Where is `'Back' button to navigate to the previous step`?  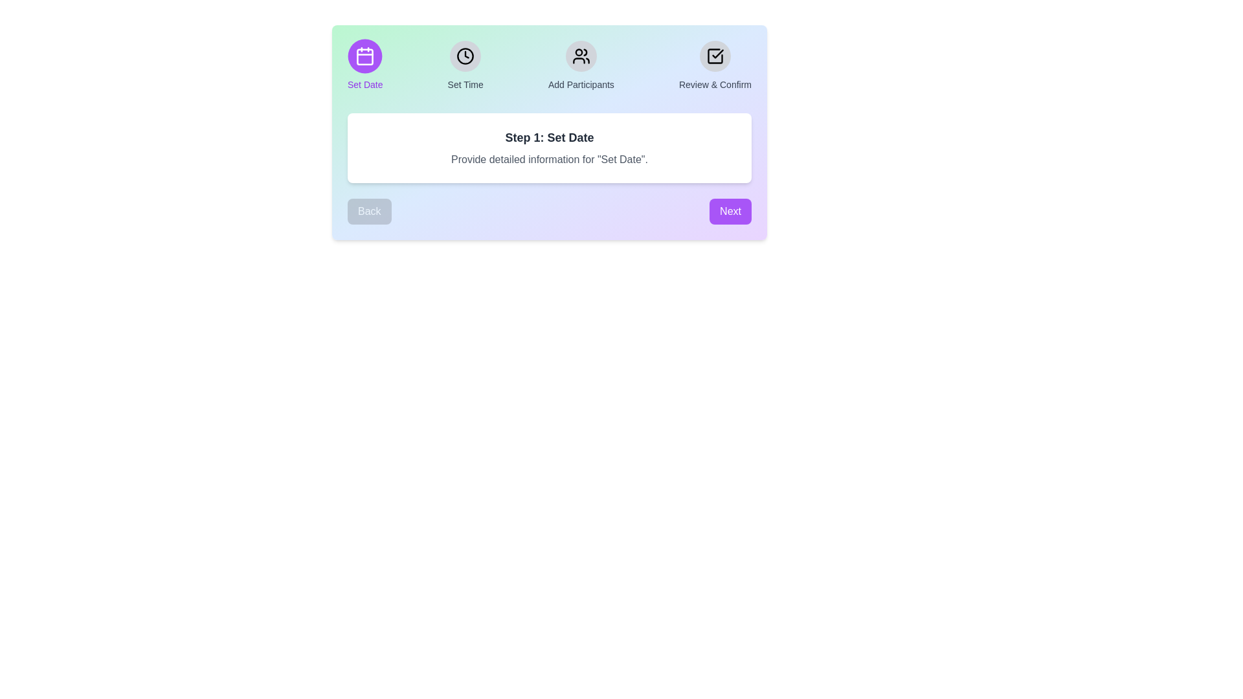 'Back' button to navigate to the previous step is located at coordinates (368, 211).